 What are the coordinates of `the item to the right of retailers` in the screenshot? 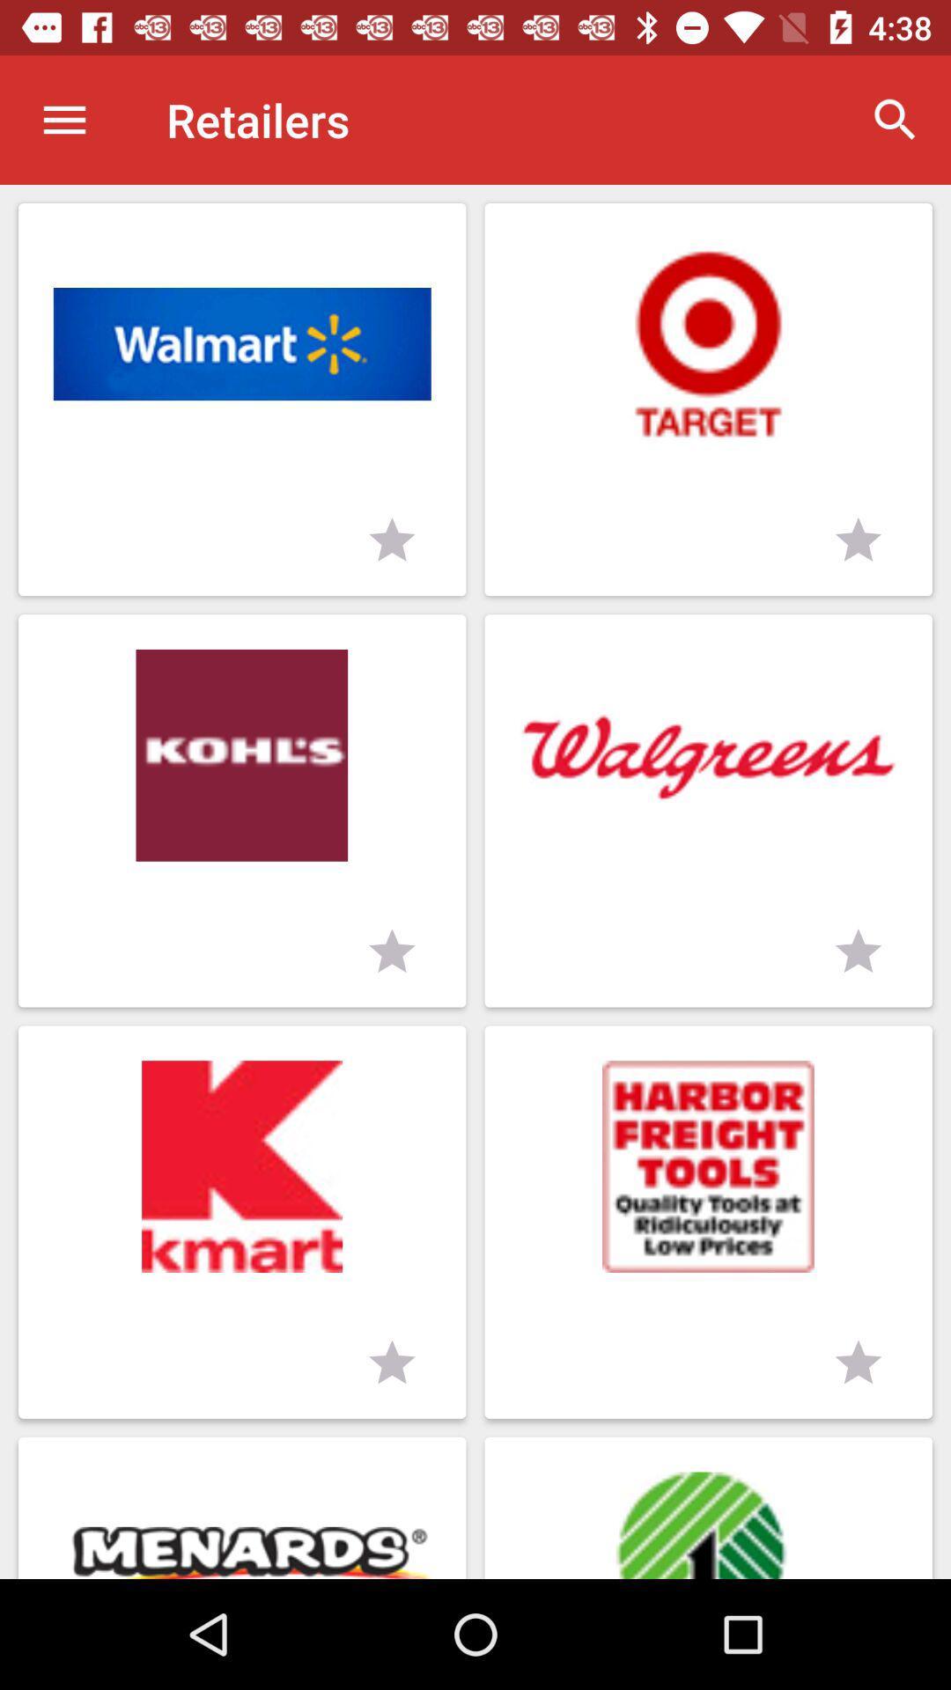 It's located at (896, 119).